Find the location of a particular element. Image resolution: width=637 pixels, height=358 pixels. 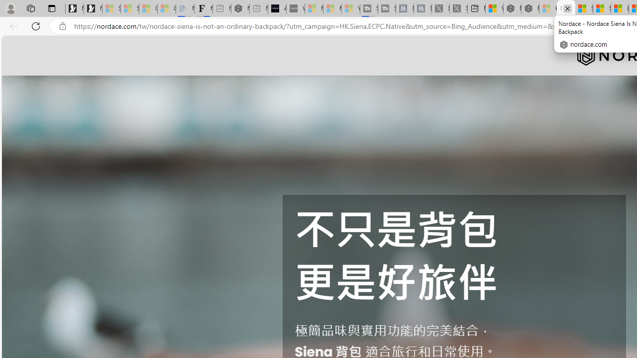

'Microsoft Start - Sleeping' is located at coordinates (332, 8).